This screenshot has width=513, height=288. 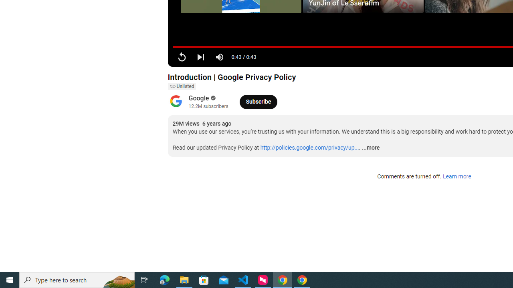 What do you see at coordinates (370, 148) in the screenshot?
I see `'...more'` at bounding box center [370, 148].